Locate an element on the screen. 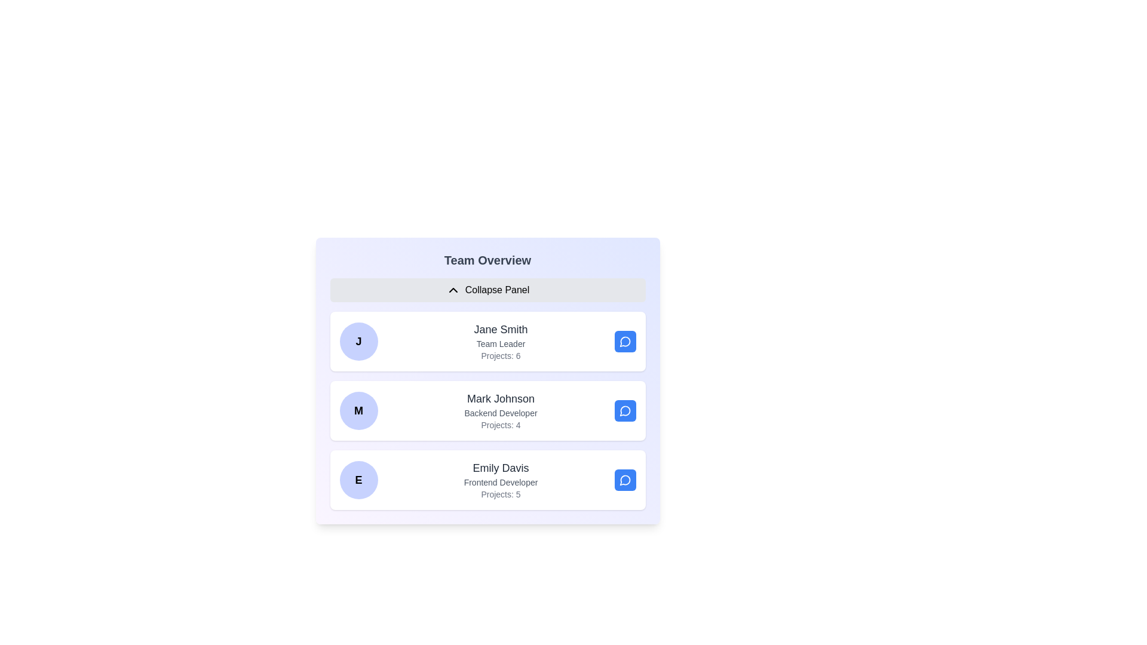 The width and height of the screenshot is (1147, 645). the chevron icon to the left of the 'Collapse Panel' label in the 'Team Overview' interface is located at coordinates (452, 290).